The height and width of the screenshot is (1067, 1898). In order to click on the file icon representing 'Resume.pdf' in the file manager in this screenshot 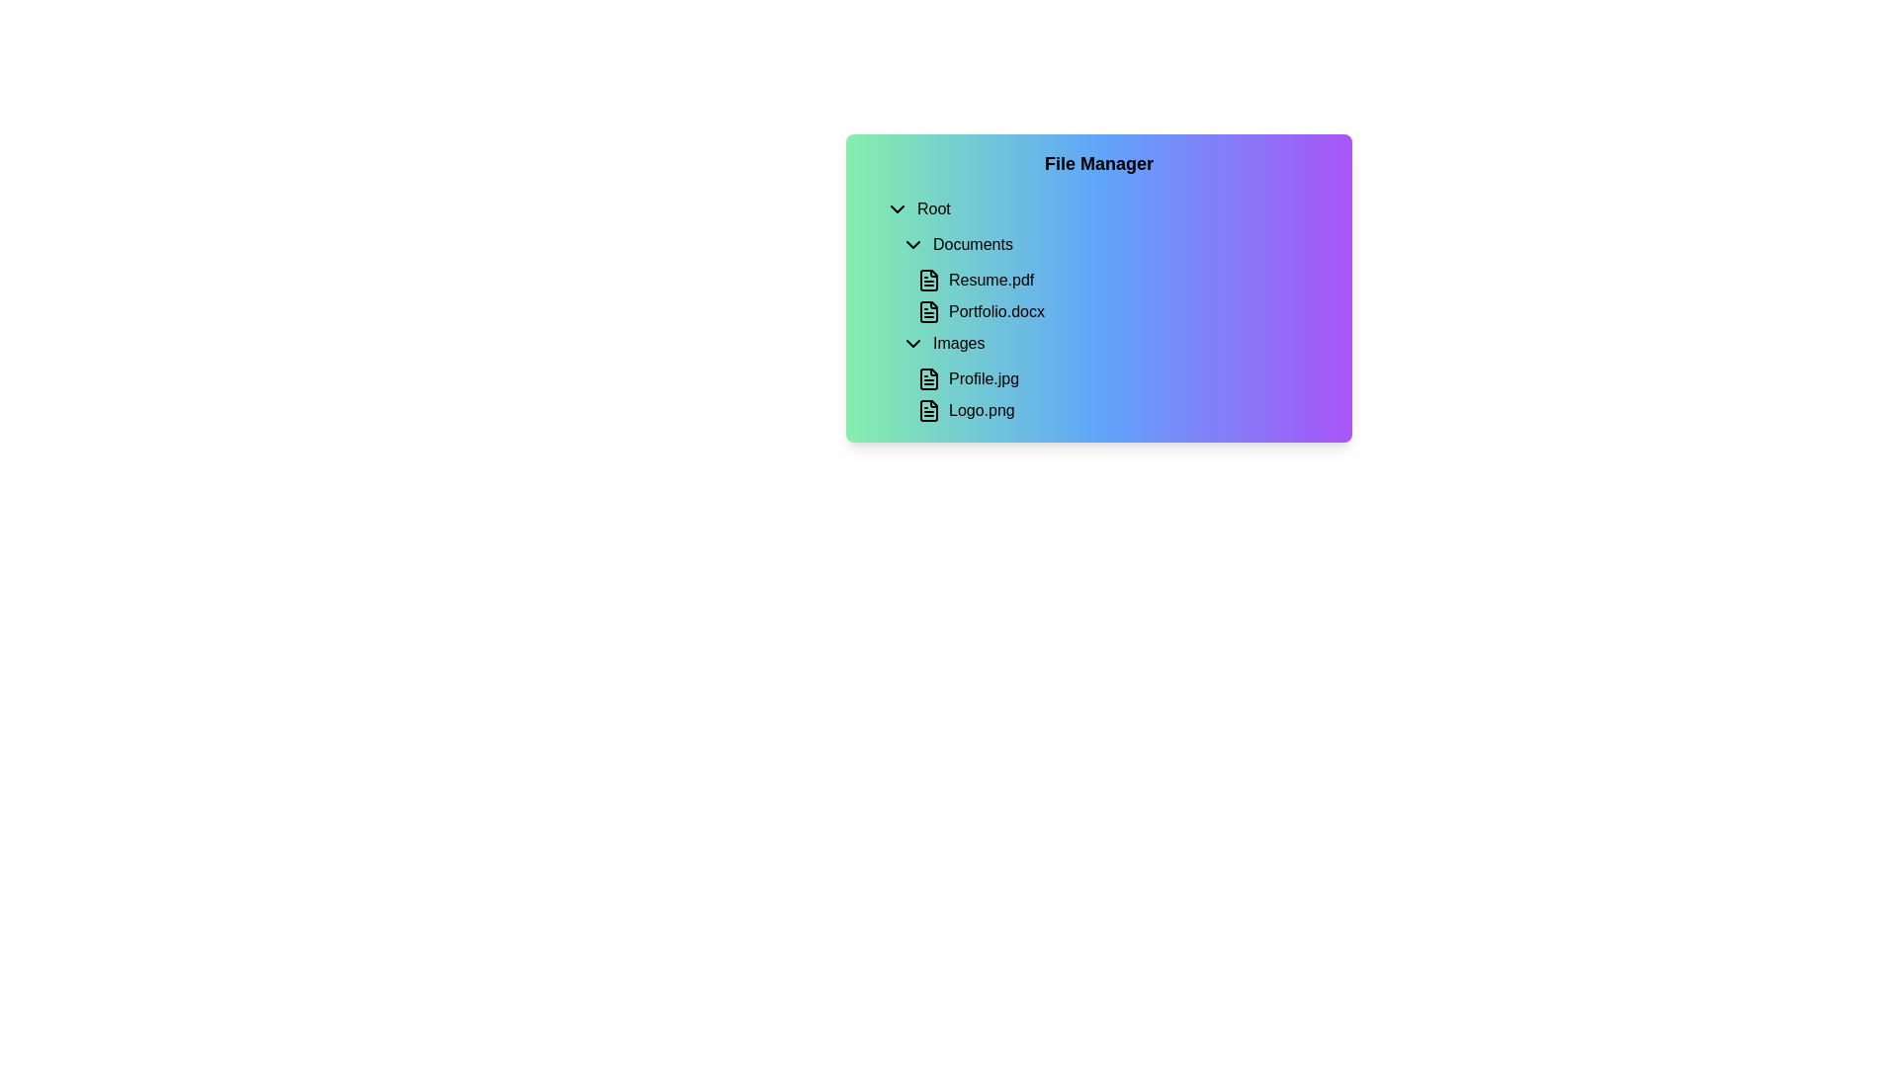, I will do `click(928, 281)`.